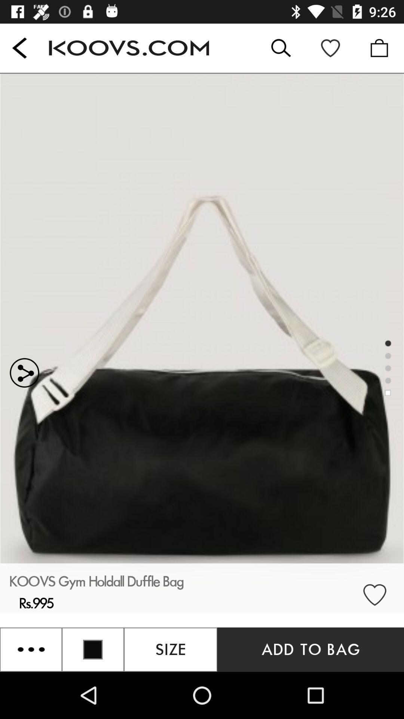  I want to click on the arrow_backward icon, so click(19, 48).